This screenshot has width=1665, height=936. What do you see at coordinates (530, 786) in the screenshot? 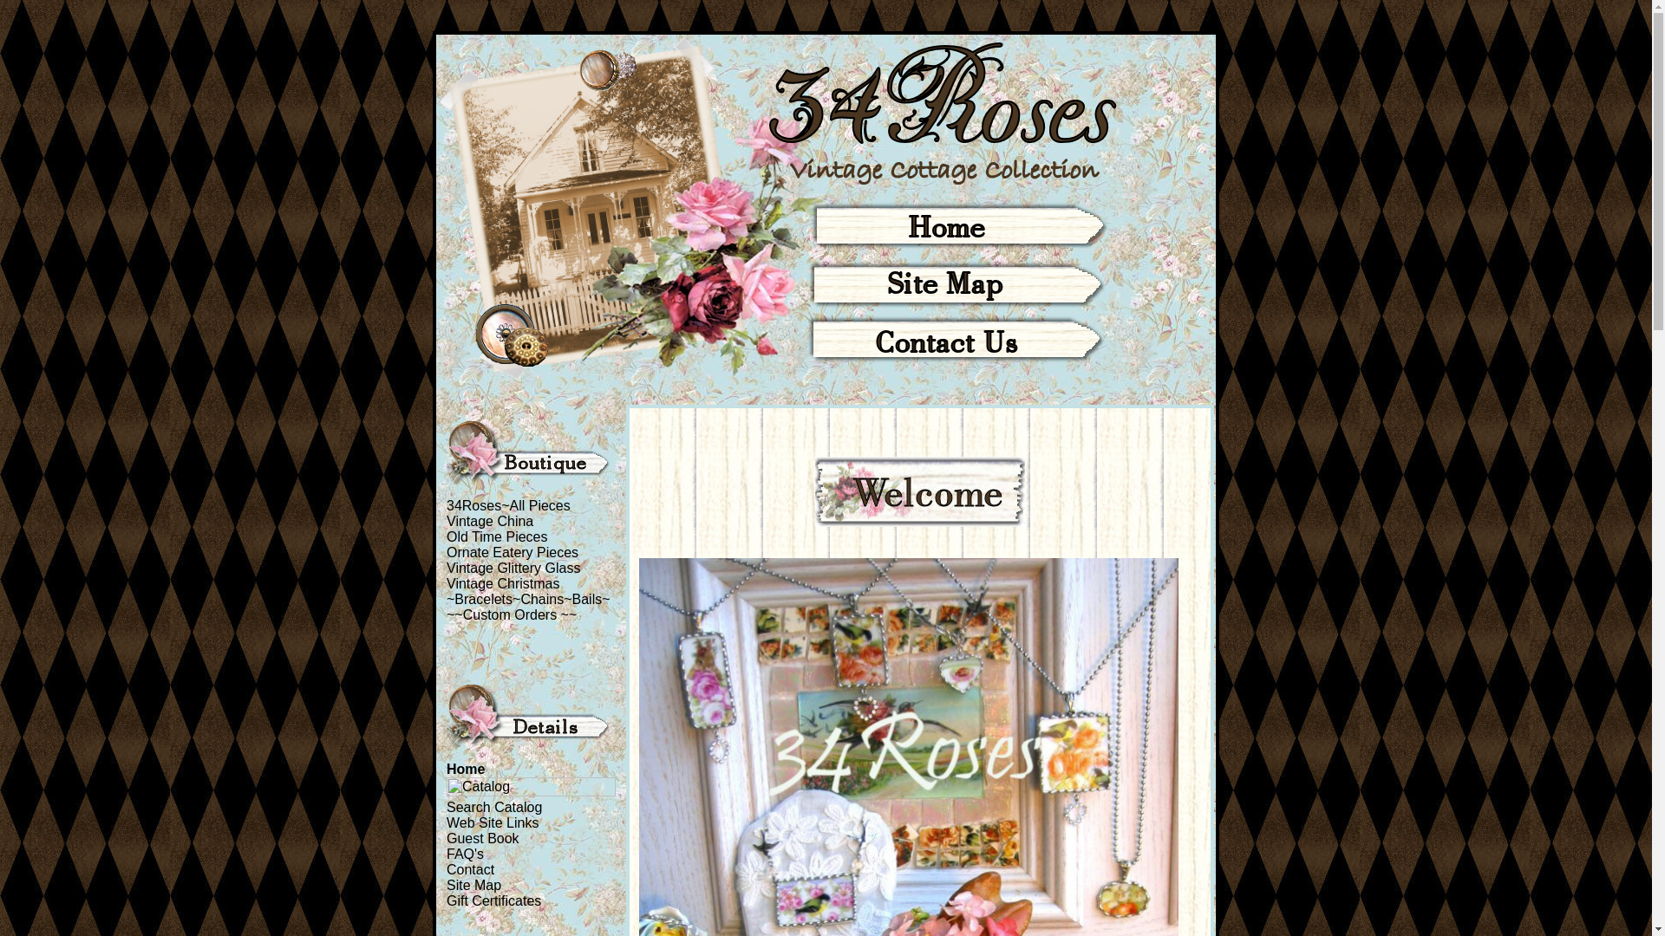
I see `'Catalog'` at bounding box center [530, 786].